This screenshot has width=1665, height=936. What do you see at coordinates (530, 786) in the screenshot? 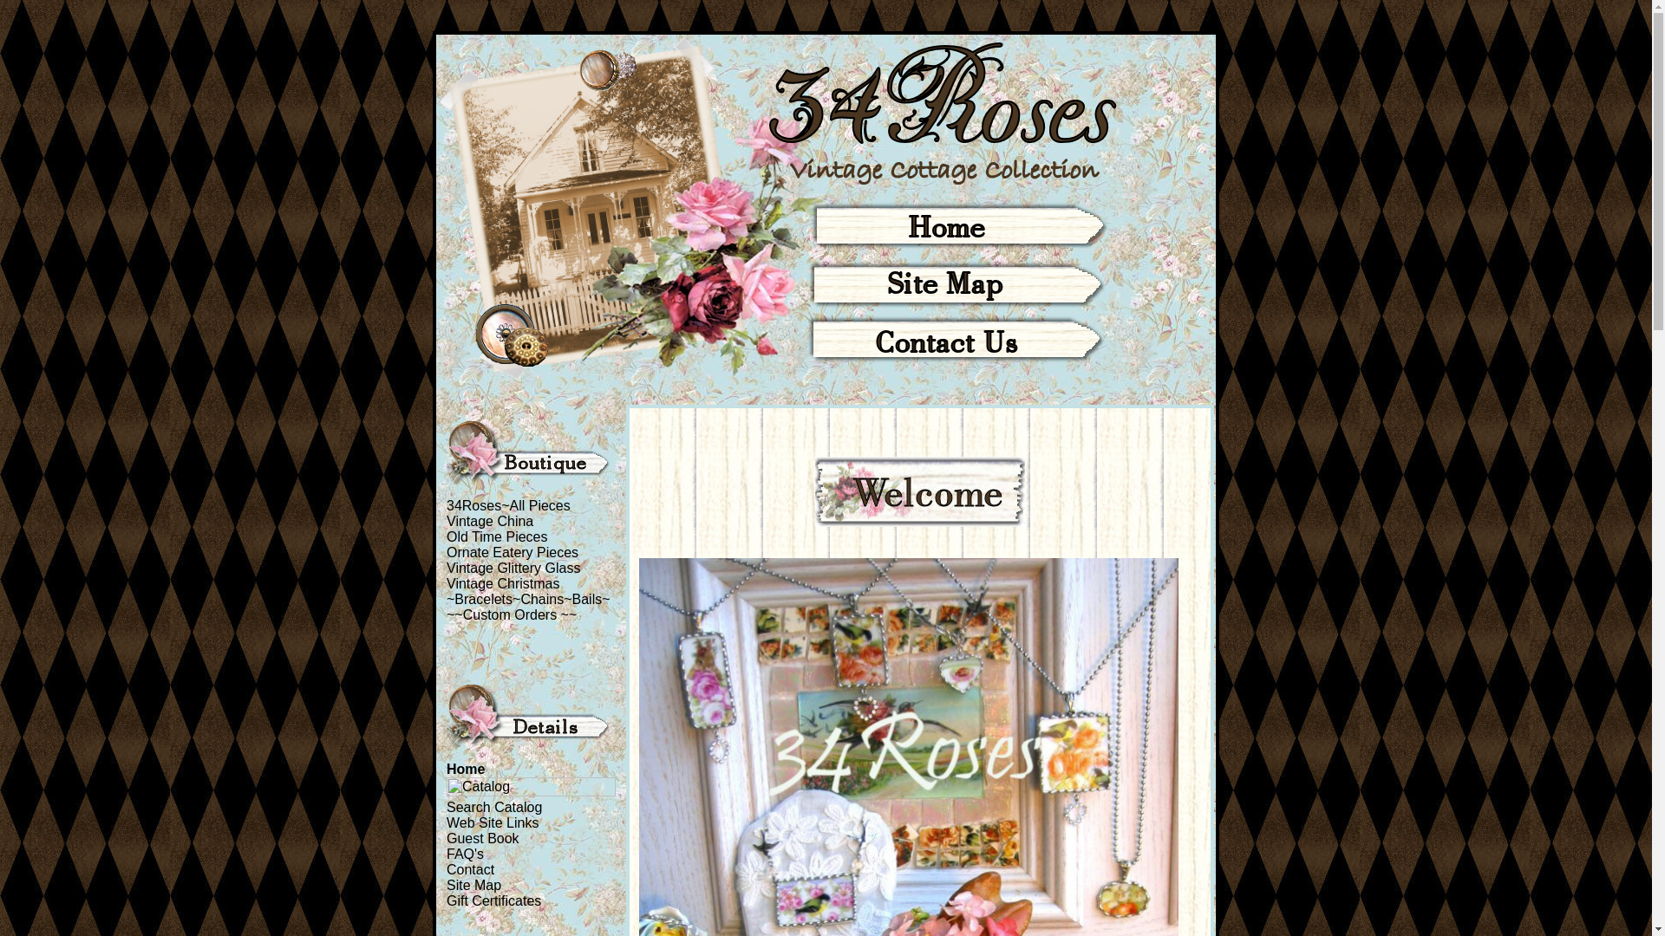
I see `'Catalog'` at bounding box center [530, 786].